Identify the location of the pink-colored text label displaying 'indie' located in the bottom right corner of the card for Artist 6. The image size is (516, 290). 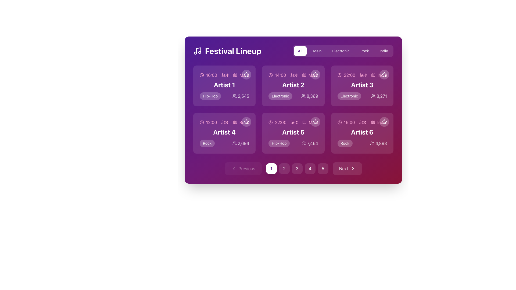
(382, 122).